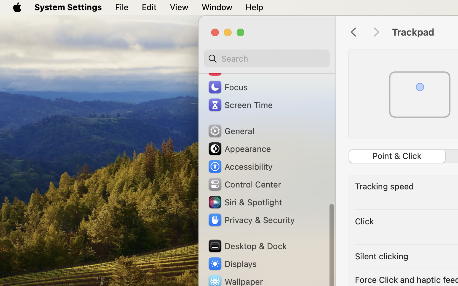  What do you see at coordinates (239, 166) in the screenshot?
I see `'Accessibility'` at bounding box center [239, 166].